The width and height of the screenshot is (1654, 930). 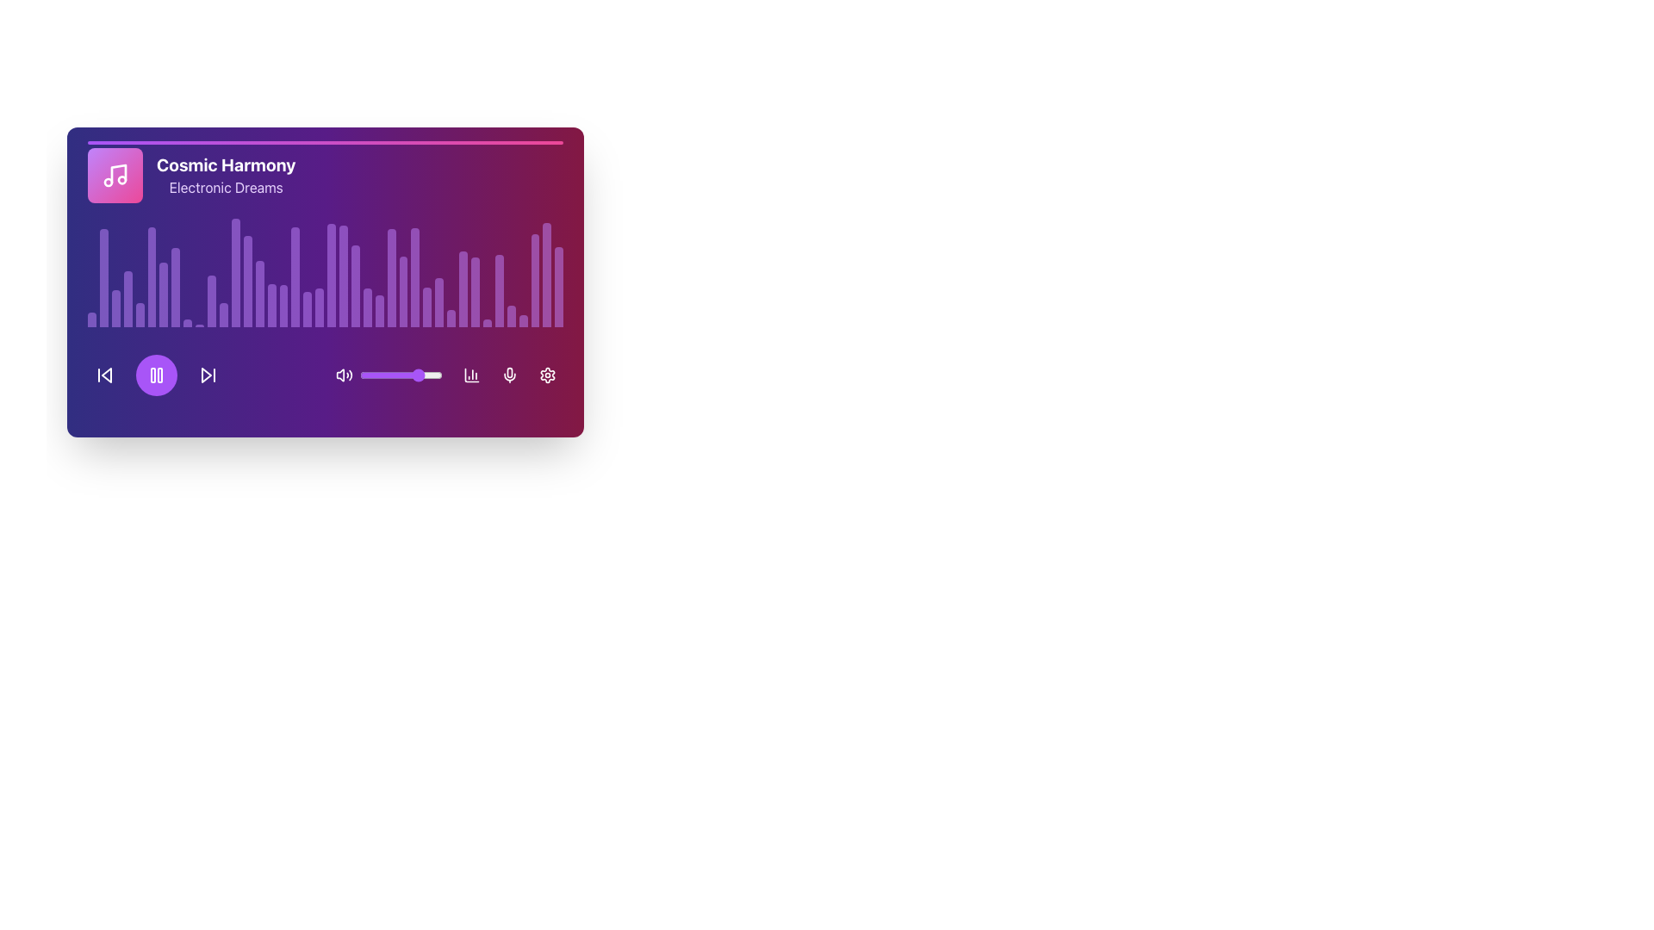 I want to click on the 29th vertical bar of the audio visualizer component, which indicates the intensity of a specific audio frequency, so click(x=463, y=288).